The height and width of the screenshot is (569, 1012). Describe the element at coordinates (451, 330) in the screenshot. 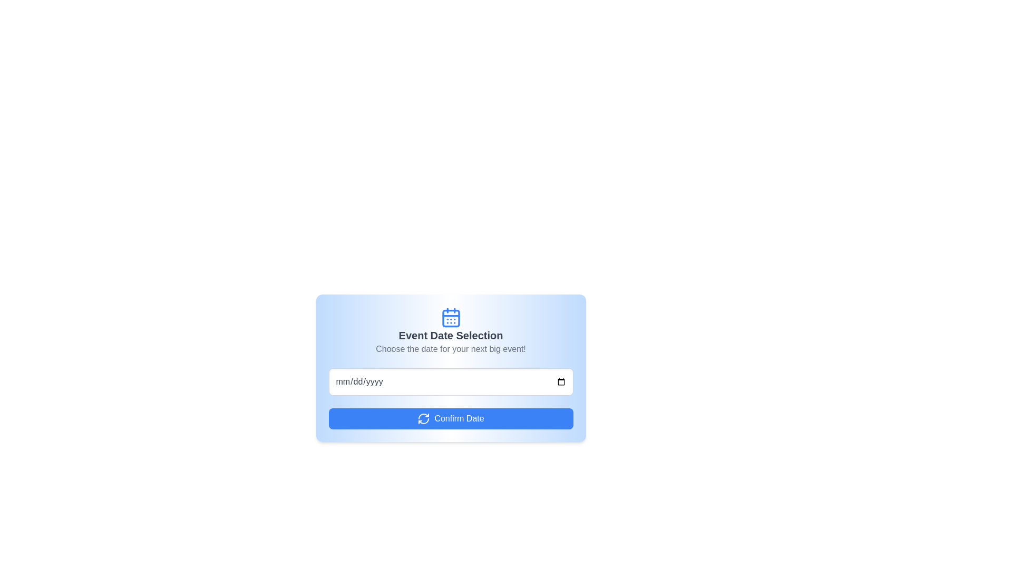

I see `the informational panel that serves as a header and provides context for the date selection functionality` at that location.